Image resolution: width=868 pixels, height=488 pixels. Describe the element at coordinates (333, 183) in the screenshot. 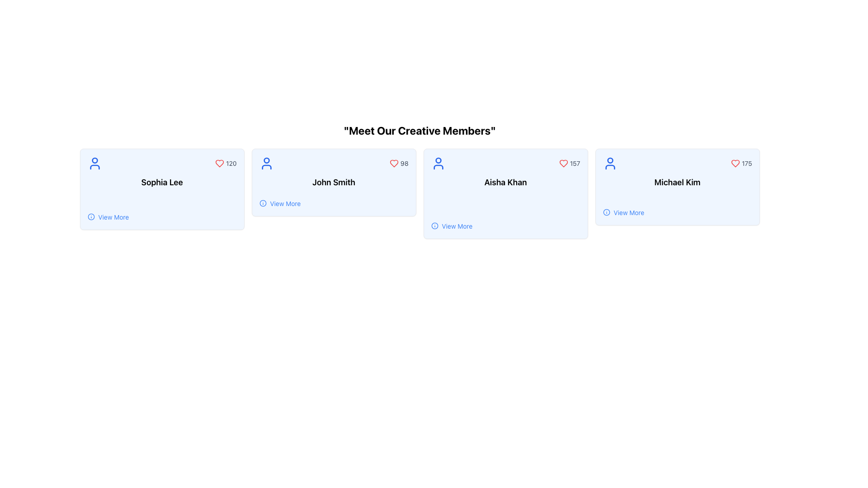

I see `the Text Label displaying the name 'John Smith' located in the central card among a row of four similar cards` at that location.